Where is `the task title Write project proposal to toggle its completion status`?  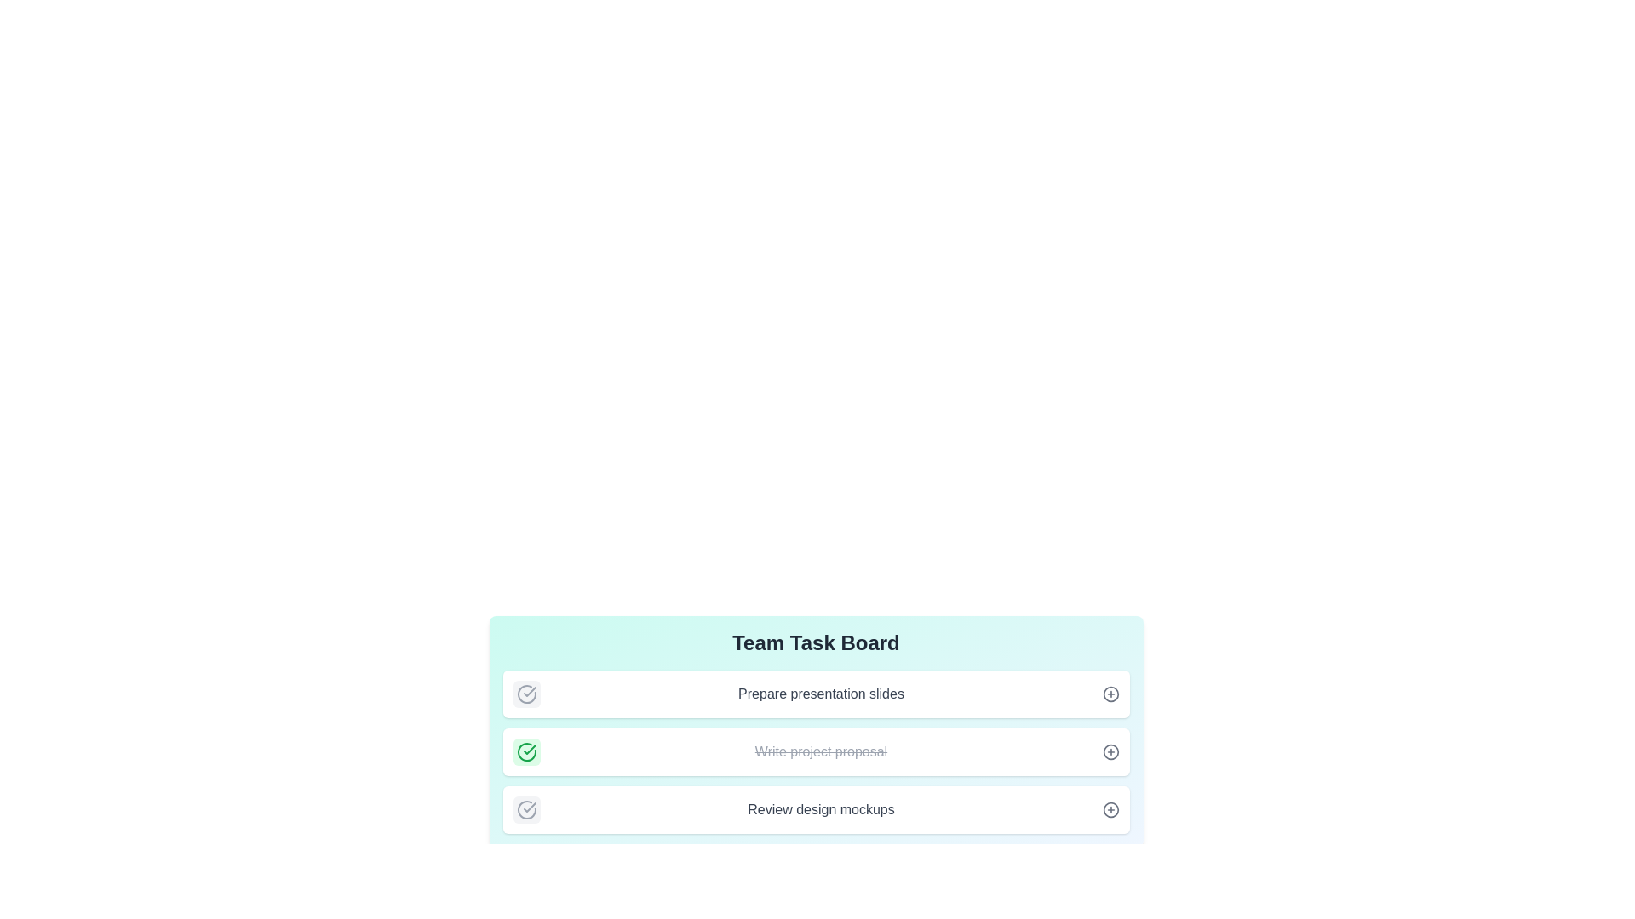
the task title Write project proposal to toggle its completion status is located at coordinates (525, 751).